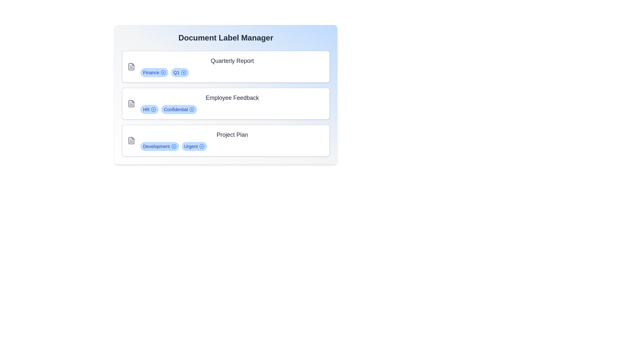 Image resolution: width=623 pixels, height=350 pixels. Describe the element at coordinates (153, 109) in the screenshot. I see `the label HR from the document Employee Feedback` at that location.